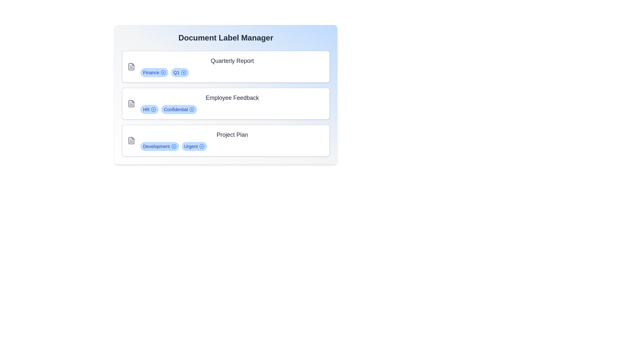 Image resolution: width=623 pixels, height=350 pixels. Describe the element at coordinates (153, 109) in the screenshot. I see `the label HR from the document Employee Feedback` at that location.